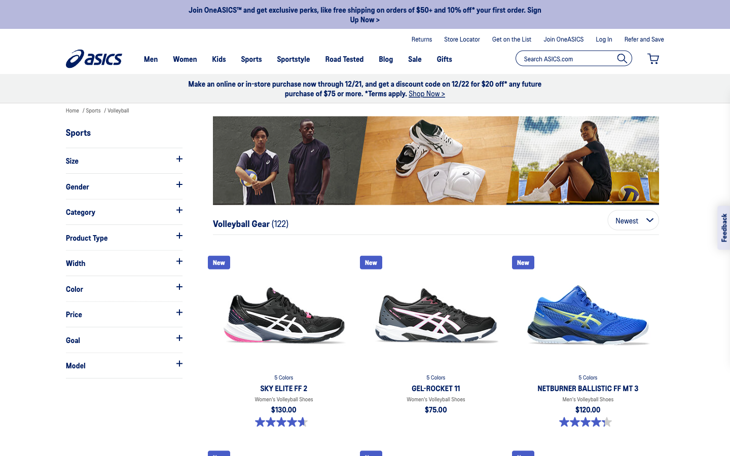 This screenshot has height=456, width=730. I want to click on the filter by the size of shoes, so click(123, 160).